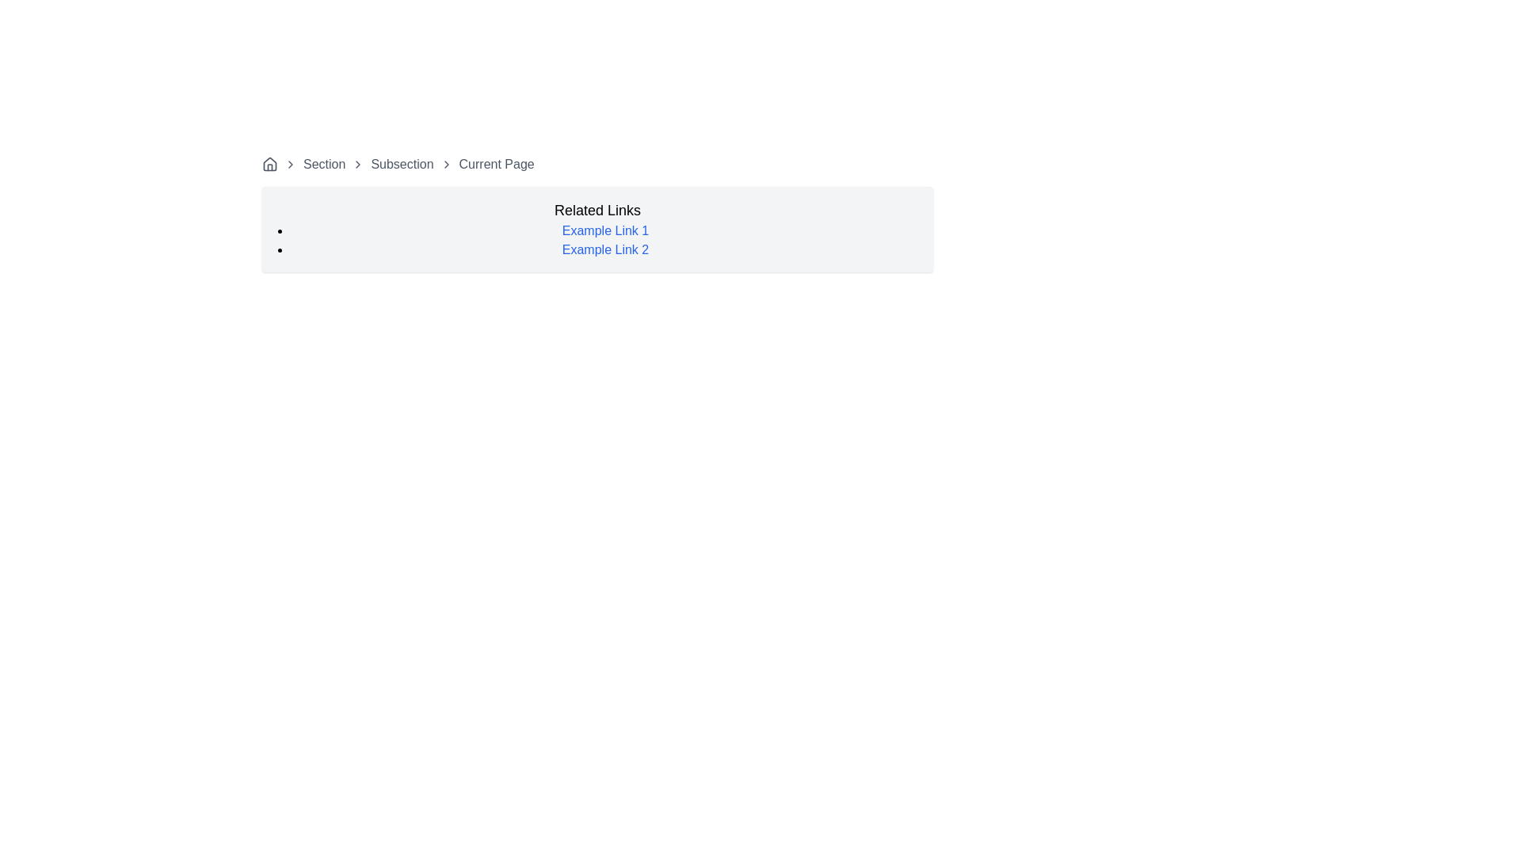 The height and width of the screenshot is (855, 1521). I want to click on the 'Current Page' text label, which is styled in gray and is the last component in the breadcrumb navigation structure, so click(496, 165).